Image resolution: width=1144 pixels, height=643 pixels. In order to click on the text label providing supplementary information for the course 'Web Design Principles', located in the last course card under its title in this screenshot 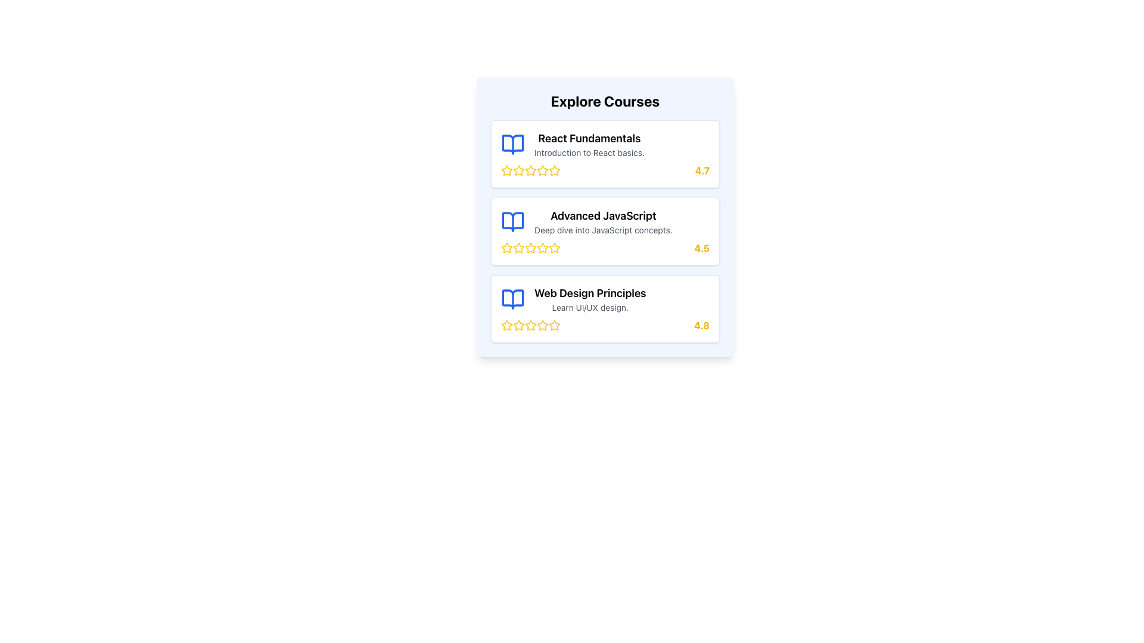, I will do `click(590, 307)`.